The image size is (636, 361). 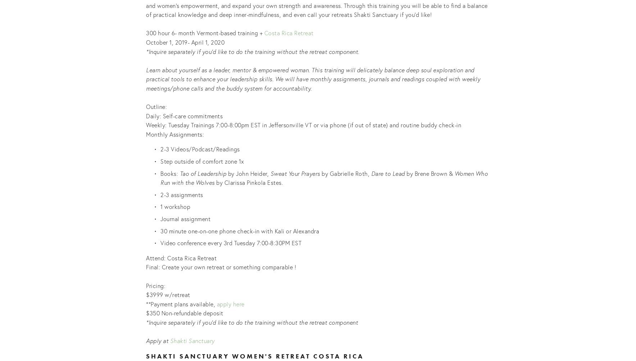 What do you see at coordinates (295, 173) in the screenshot?
I see `'Sweat Your Prayers'` at bounding box center [295, 173].